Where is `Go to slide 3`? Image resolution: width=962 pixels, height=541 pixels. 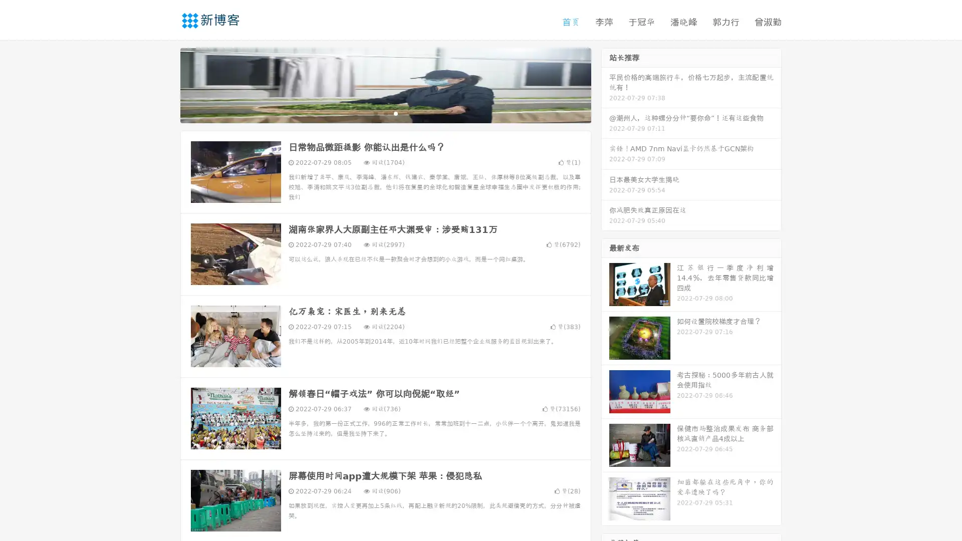 Go to slide 3 is located at coordinates (395, 113).